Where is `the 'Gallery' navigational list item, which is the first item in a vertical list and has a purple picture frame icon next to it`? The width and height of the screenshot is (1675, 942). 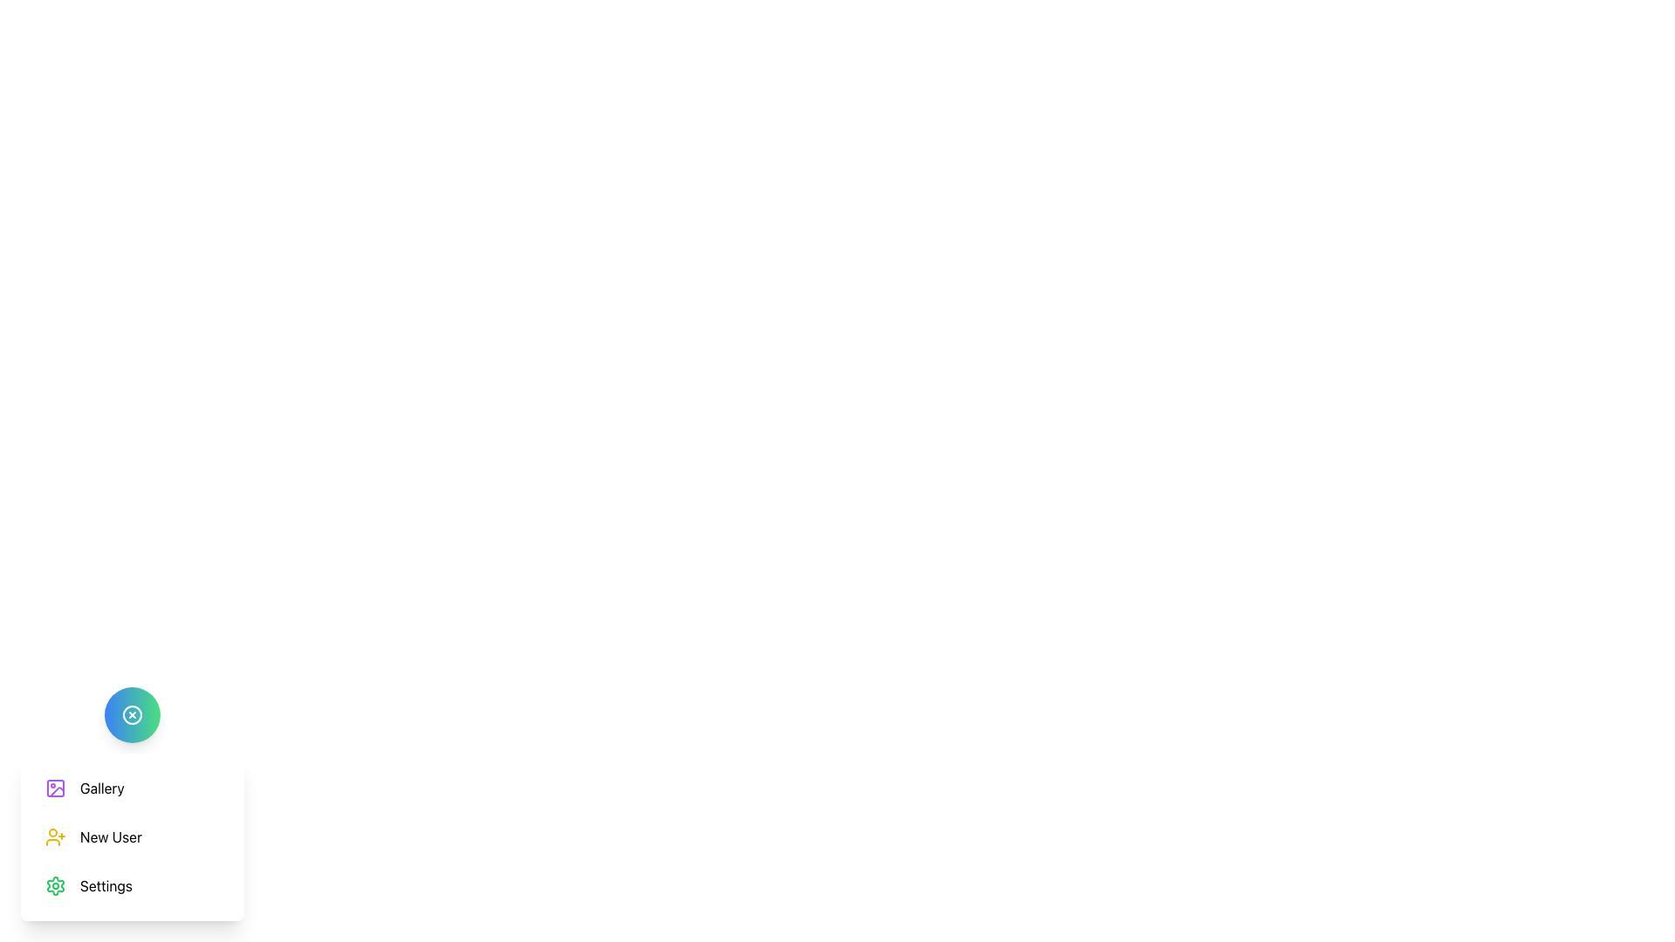 the 'Gallery' navigational list item, which is the first item in a vertical list and has a purple picture frame icon next to it is located at coordinates (84, 788).